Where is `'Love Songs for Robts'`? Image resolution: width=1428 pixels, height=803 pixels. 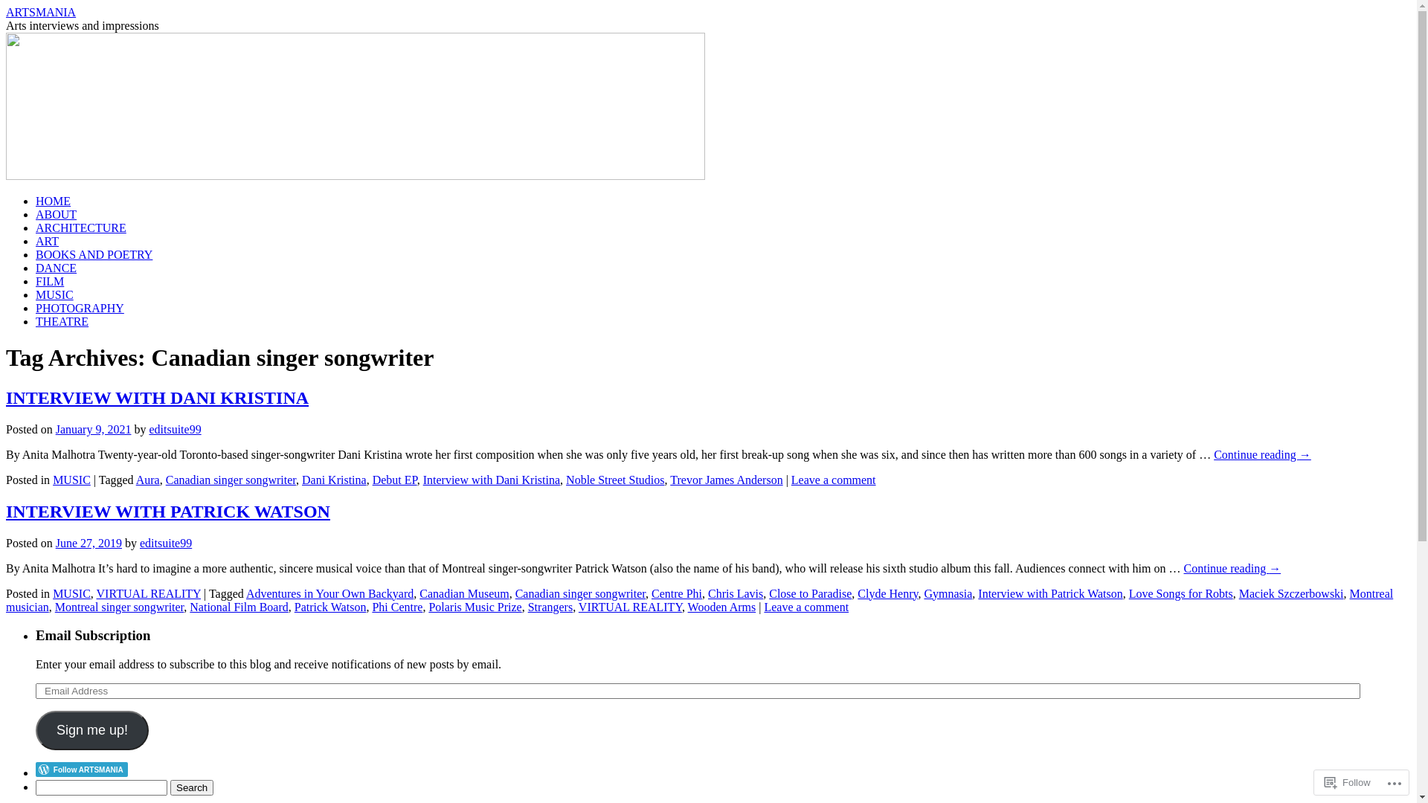 'Love Songs for Robts' is located at coordinates (1180, 593).